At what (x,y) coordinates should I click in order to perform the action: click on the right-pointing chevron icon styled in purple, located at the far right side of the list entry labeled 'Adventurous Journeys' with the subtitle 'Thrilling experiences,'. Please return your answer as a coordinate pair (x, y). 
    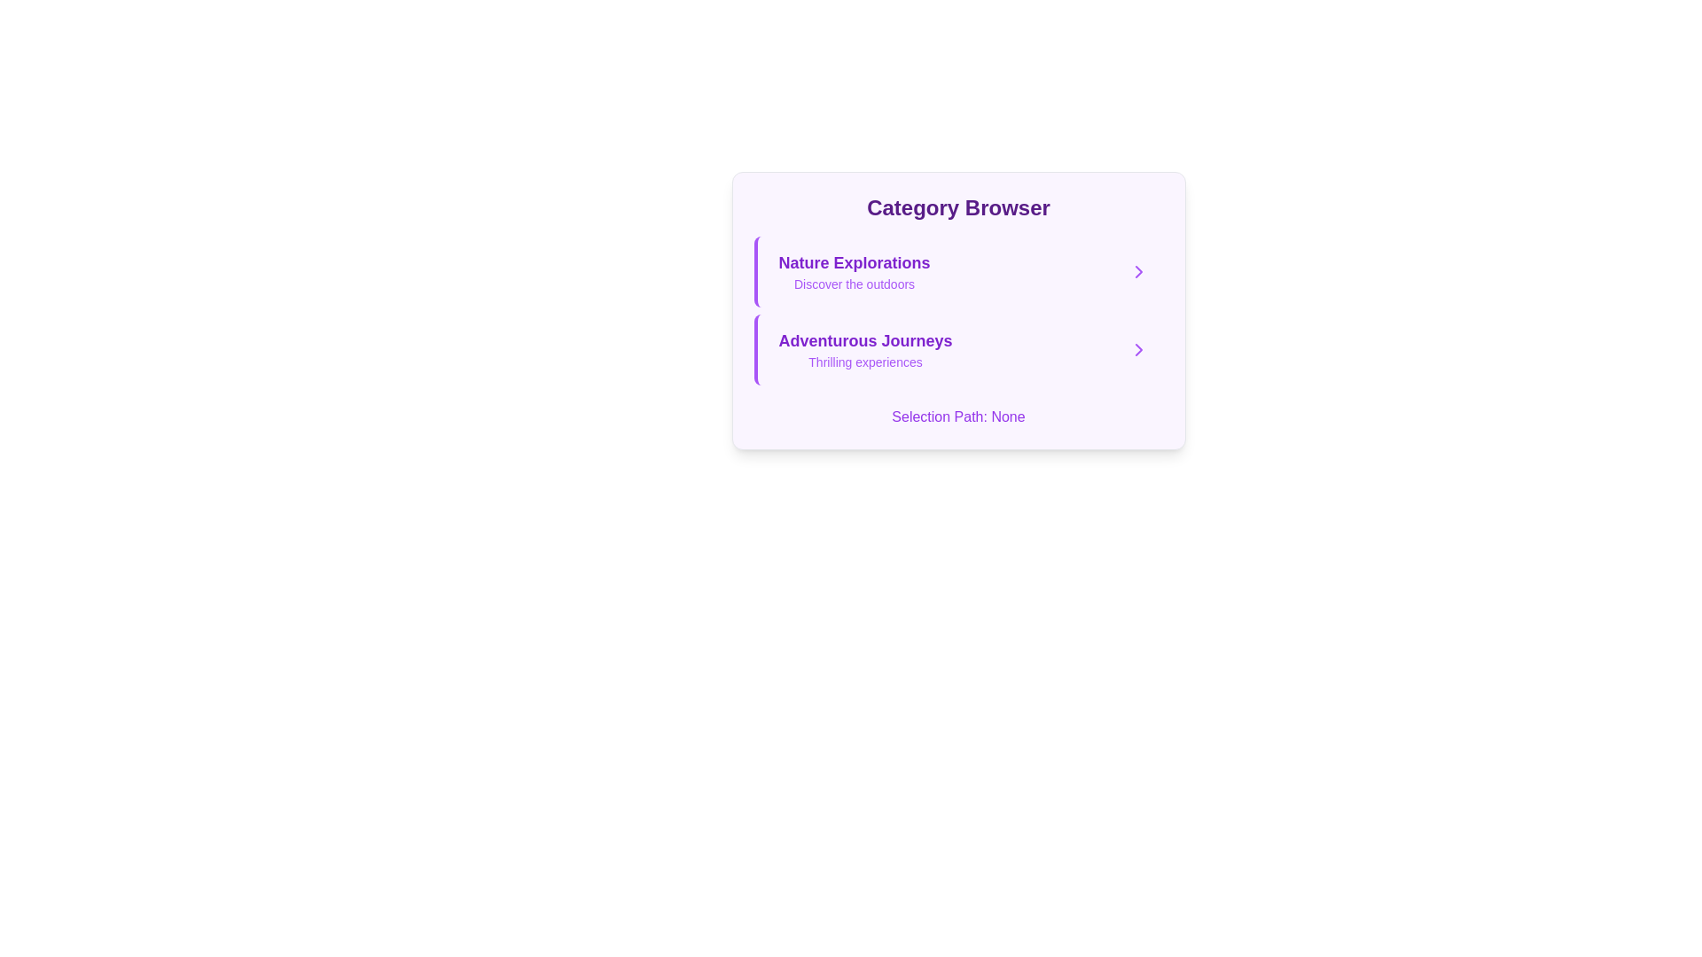
    Looking at the image, I should click on (1138, 349).